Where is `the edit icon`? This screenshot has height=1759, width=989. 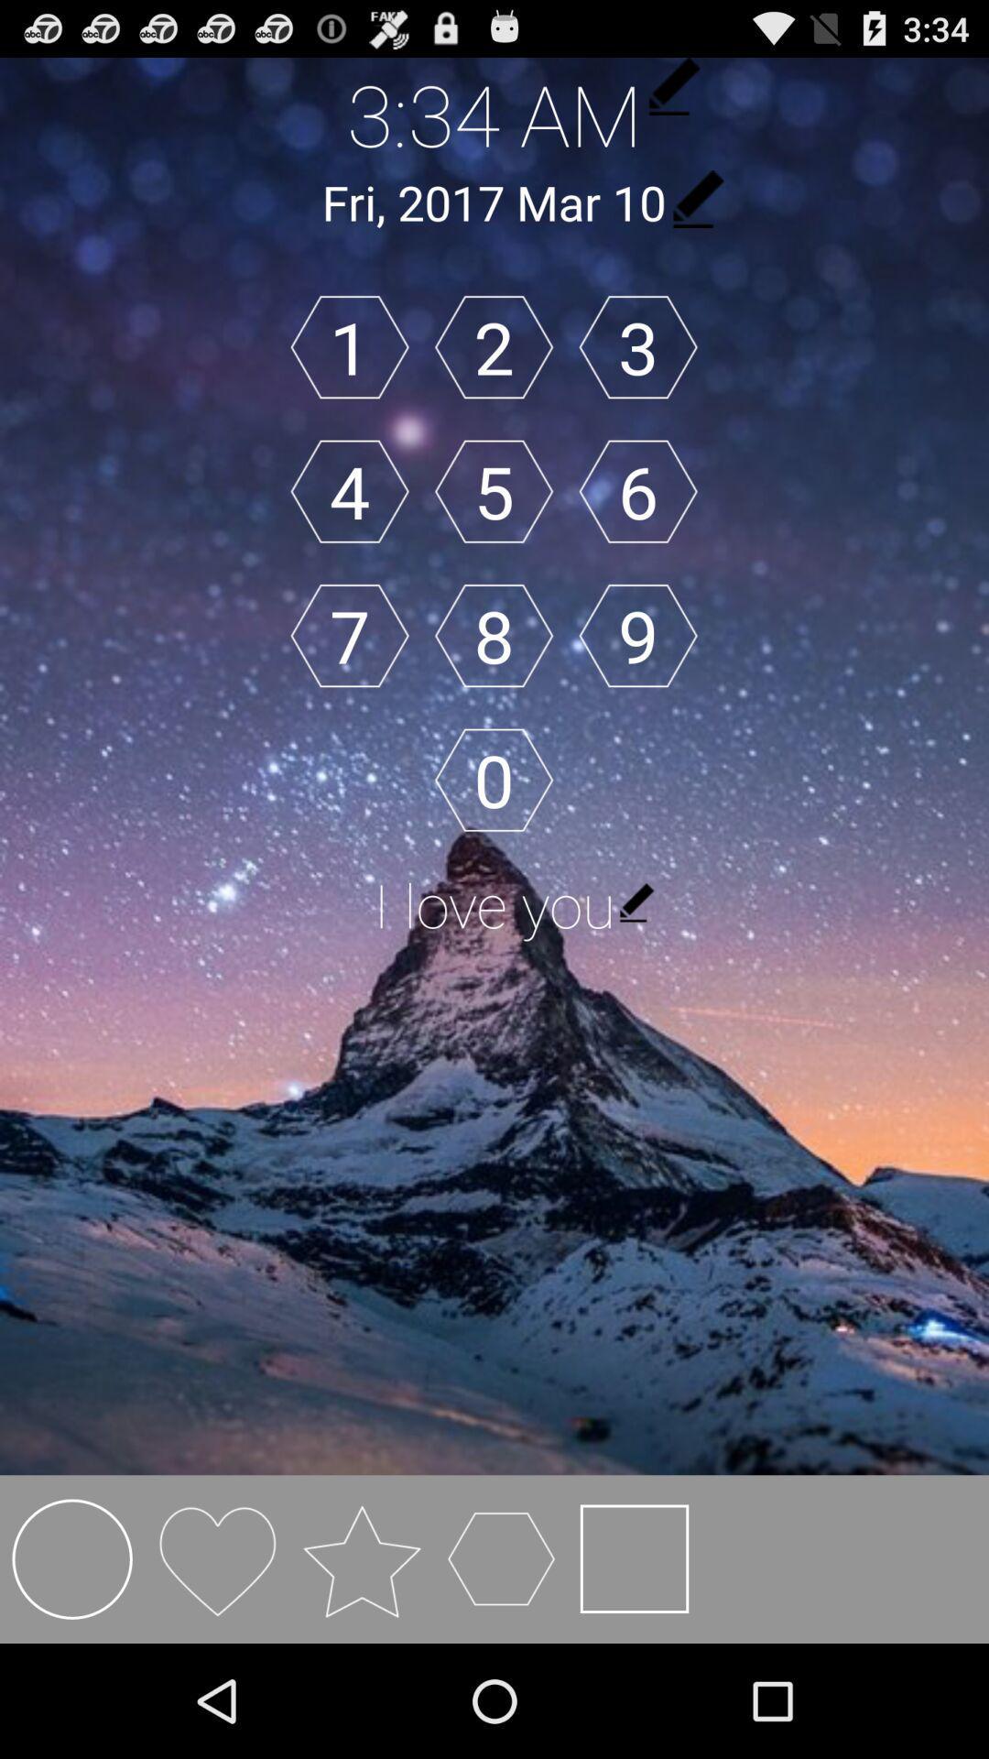 the edit icon is located at coordinates (670, 92).